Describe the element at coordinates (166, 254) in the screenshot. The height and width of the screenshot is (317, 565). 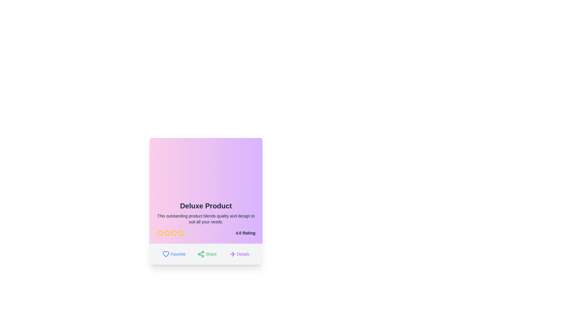
I see `the heart-shaped icon with a blue stroke located next to the 'Favorite' text label to favorite the item` at that location.